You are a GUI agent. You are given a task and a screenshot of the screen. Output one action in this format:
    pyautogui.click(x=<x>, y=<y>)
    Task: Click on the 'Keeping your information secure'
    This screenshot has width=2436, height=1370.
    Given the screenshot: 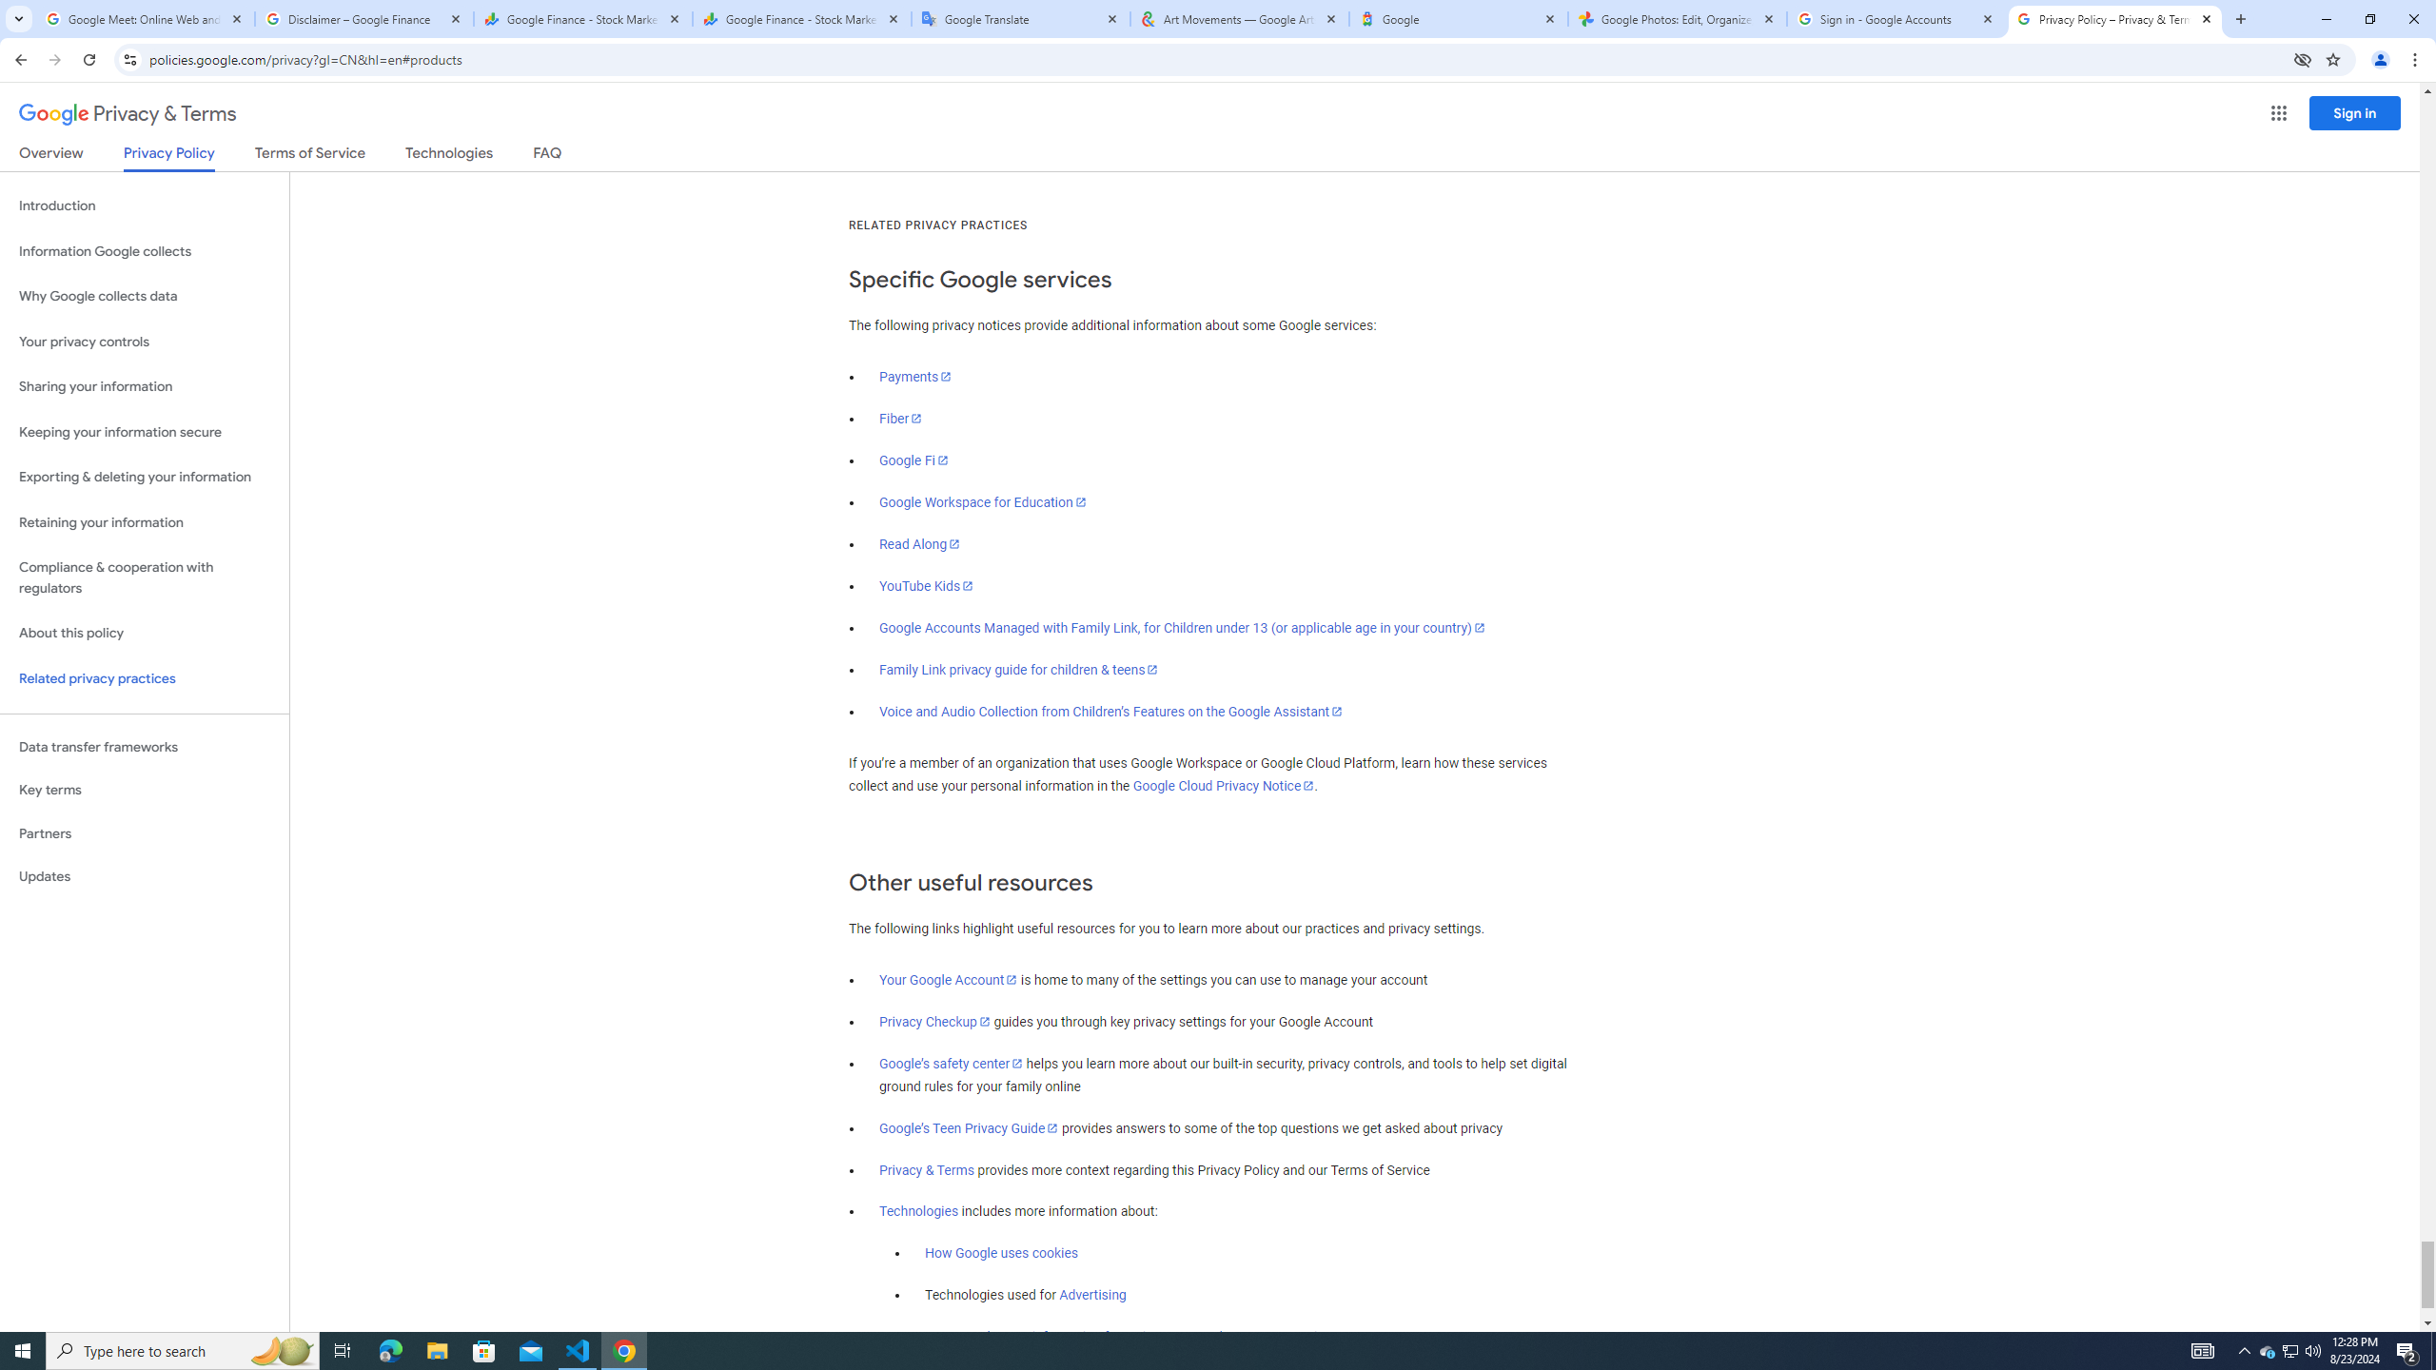 What is the action you would take?
    pyautogui.click(x=144, y=433)
    